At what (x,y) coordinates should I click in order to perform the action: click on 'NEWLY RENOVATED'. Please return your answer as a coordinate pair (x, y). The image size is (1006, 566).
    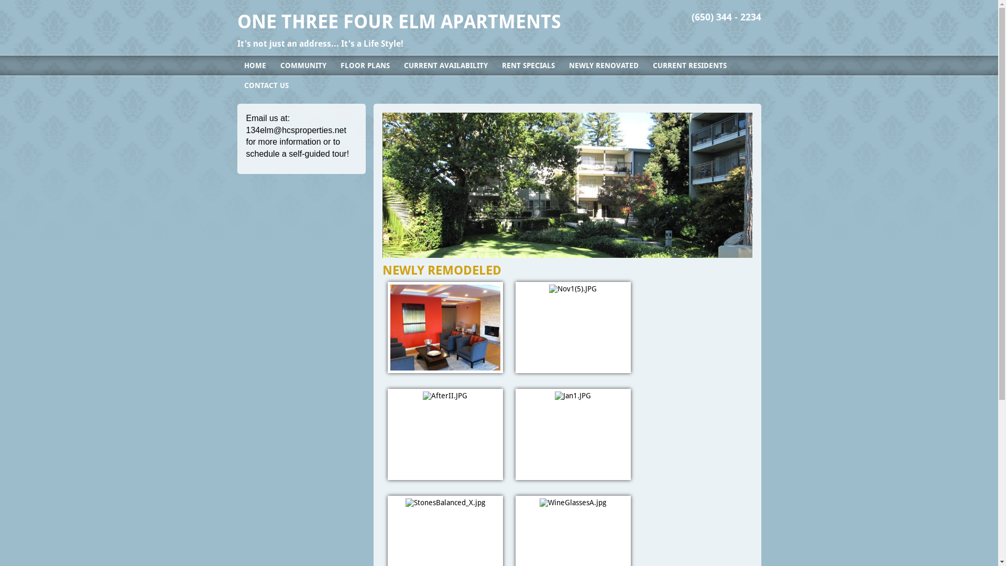
    Looking at the image, I should click on (603, 65).